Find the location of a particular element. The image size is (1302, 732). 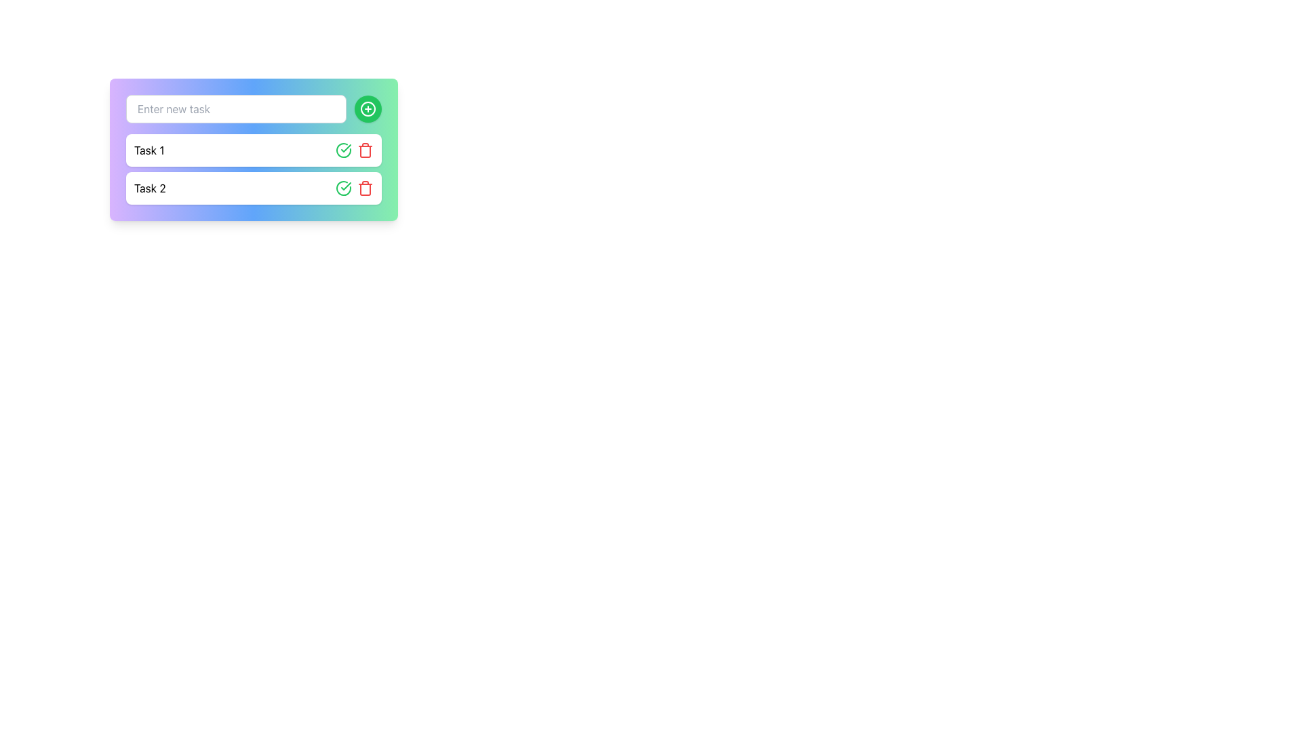

the circular green button with a white plus sign is located at coordinates (368, 108).